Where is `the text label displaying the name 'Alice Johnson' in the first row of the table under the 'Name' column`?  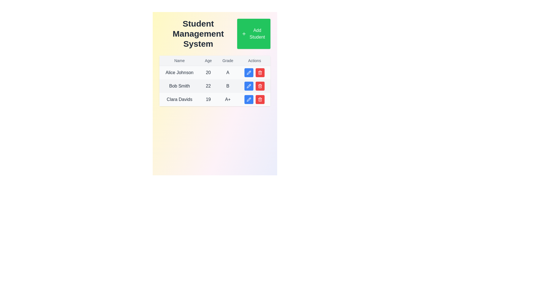 the text label displaying the name 'Alice Johnson' in the first row of the table under the 'Name' column is located at coordinates (179, 72).